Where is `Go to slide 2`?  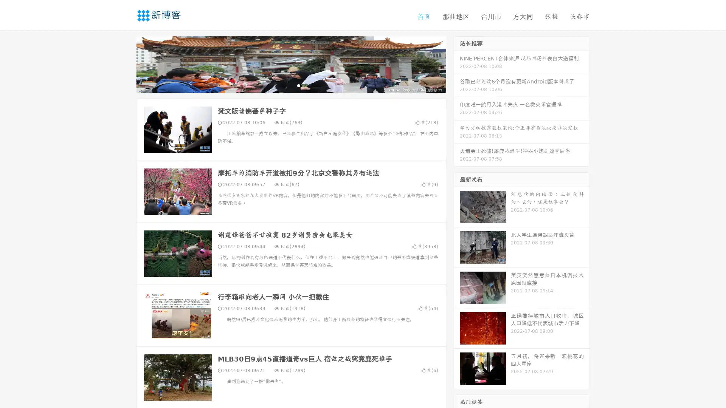 Go to slide 2 is located at coordinates (290, 85).